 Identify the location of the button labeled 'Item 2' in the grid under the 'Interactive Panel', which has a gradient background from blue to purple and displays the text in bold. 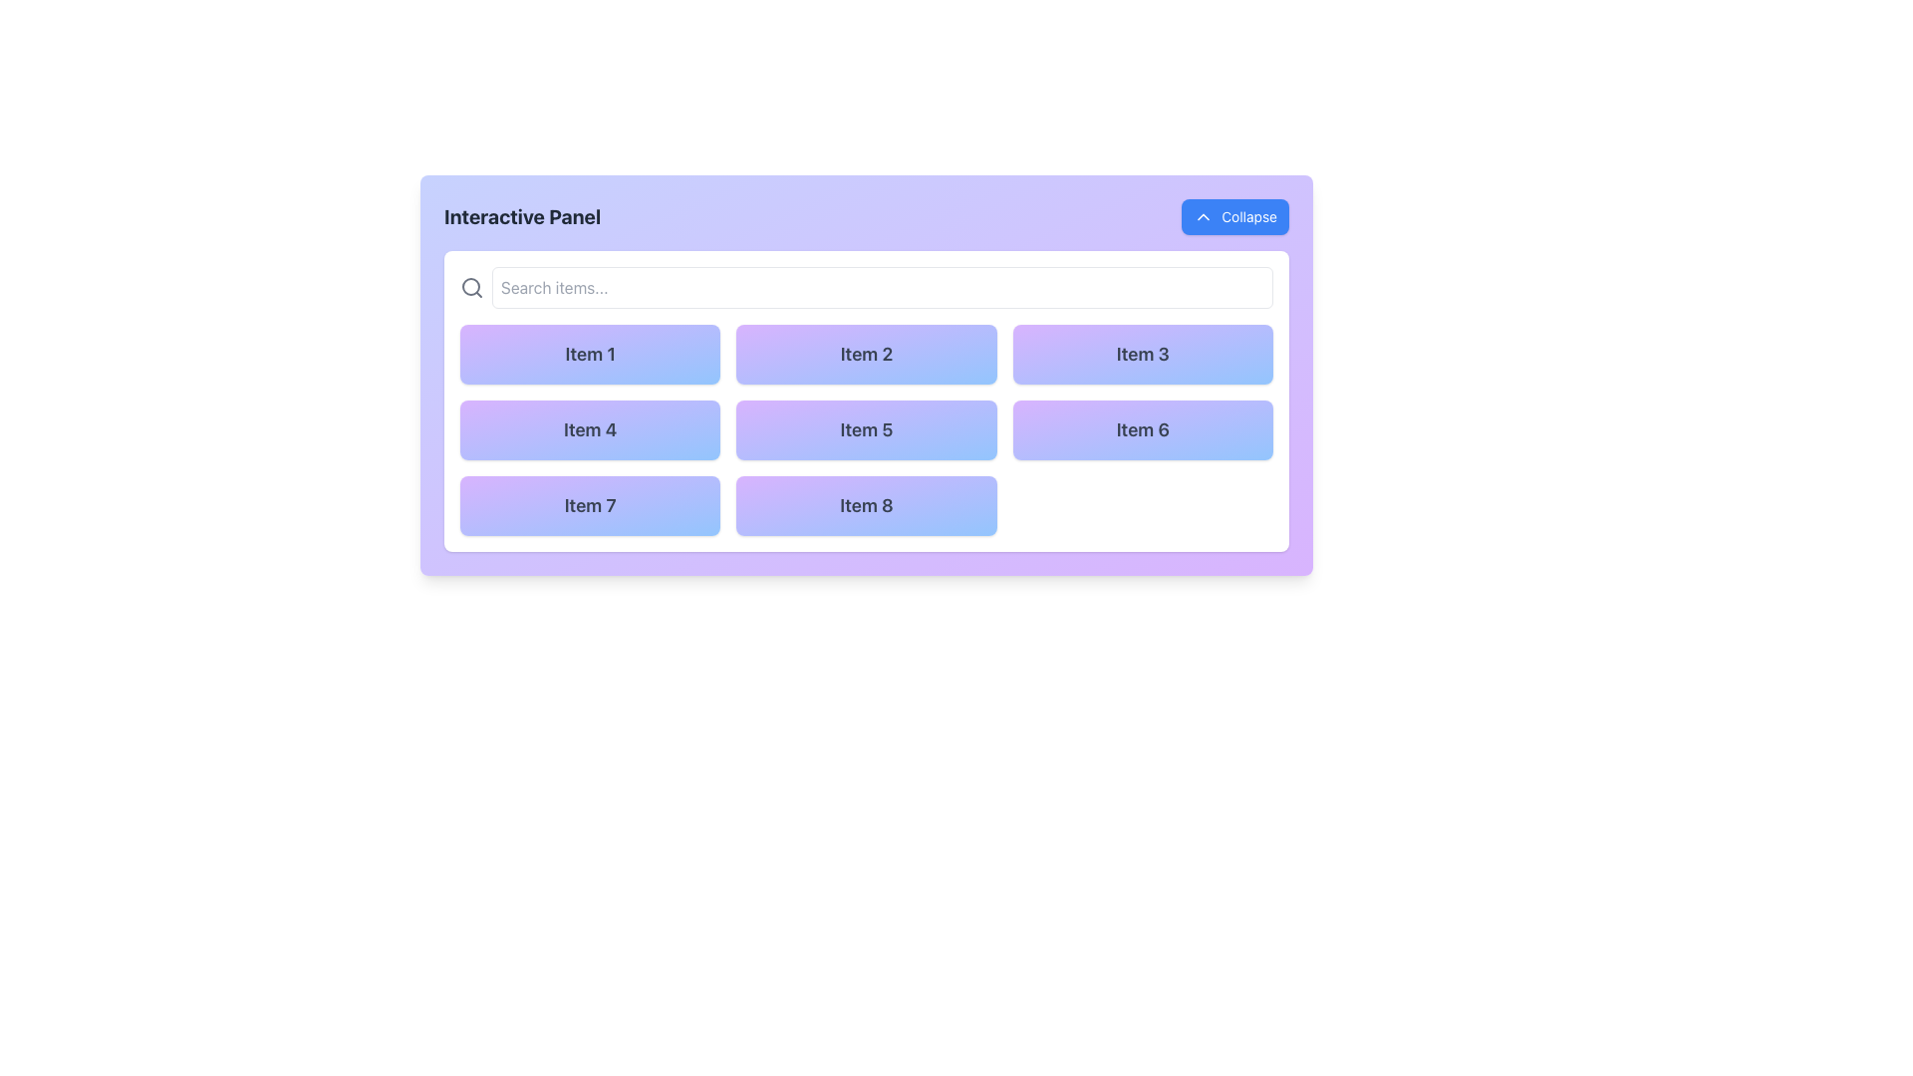
(866, 353).